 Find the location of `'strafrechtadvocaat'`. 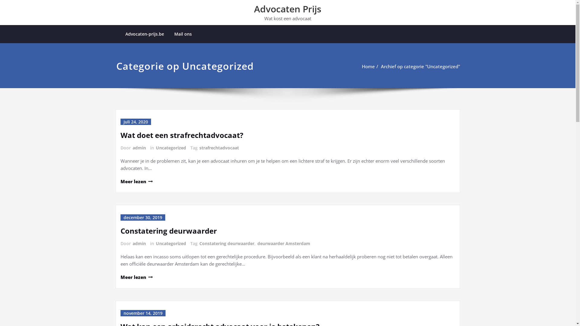

'strafrechtadvocaat' is located at coordinates (218, 148).